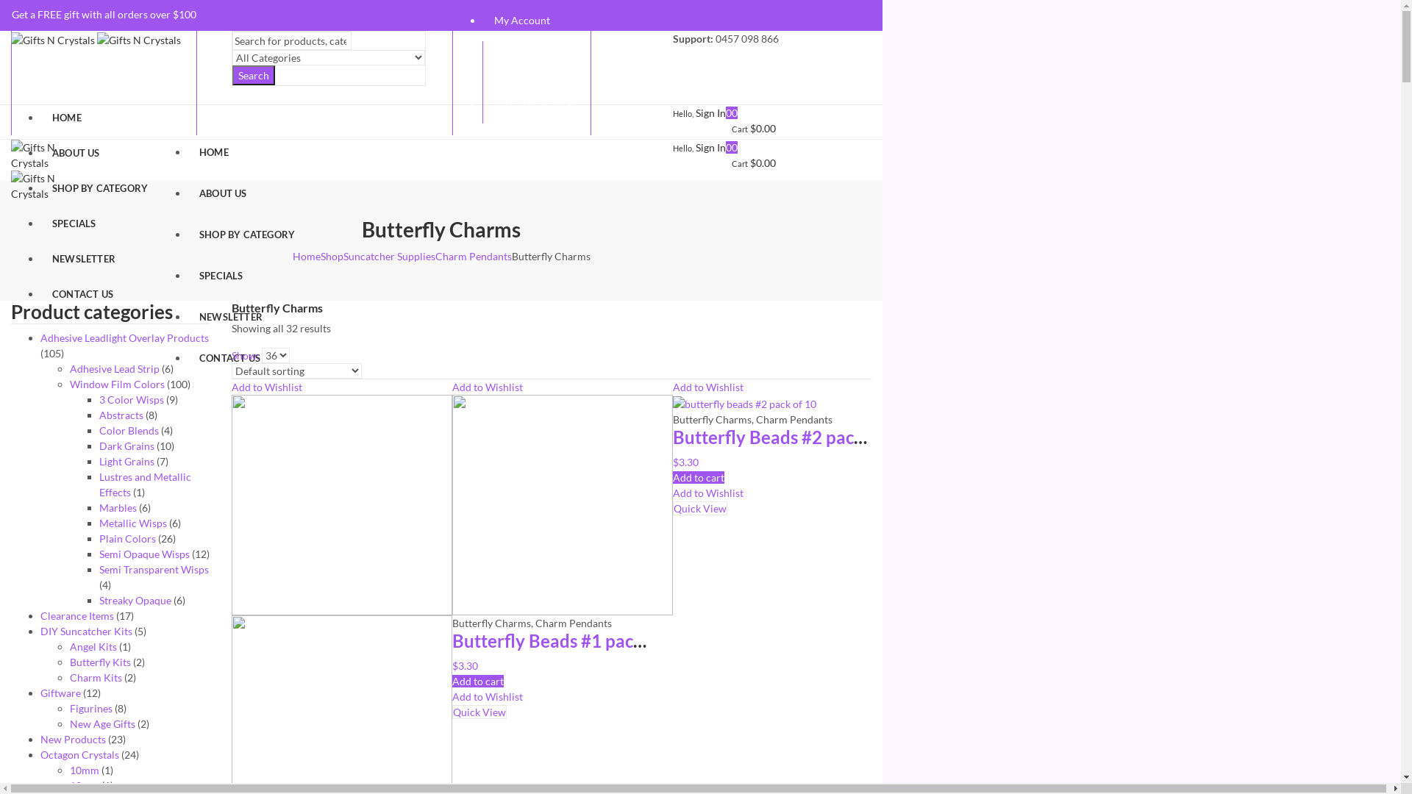  Describe the element at coordinates (754, 155) in the screenshot. I see `'0` at that location.